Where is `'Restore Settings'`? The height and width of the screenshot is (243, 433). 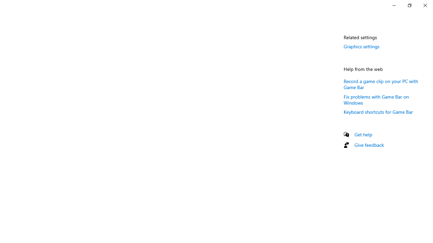
'Restore Settings' is located at coordinates (409, 5).